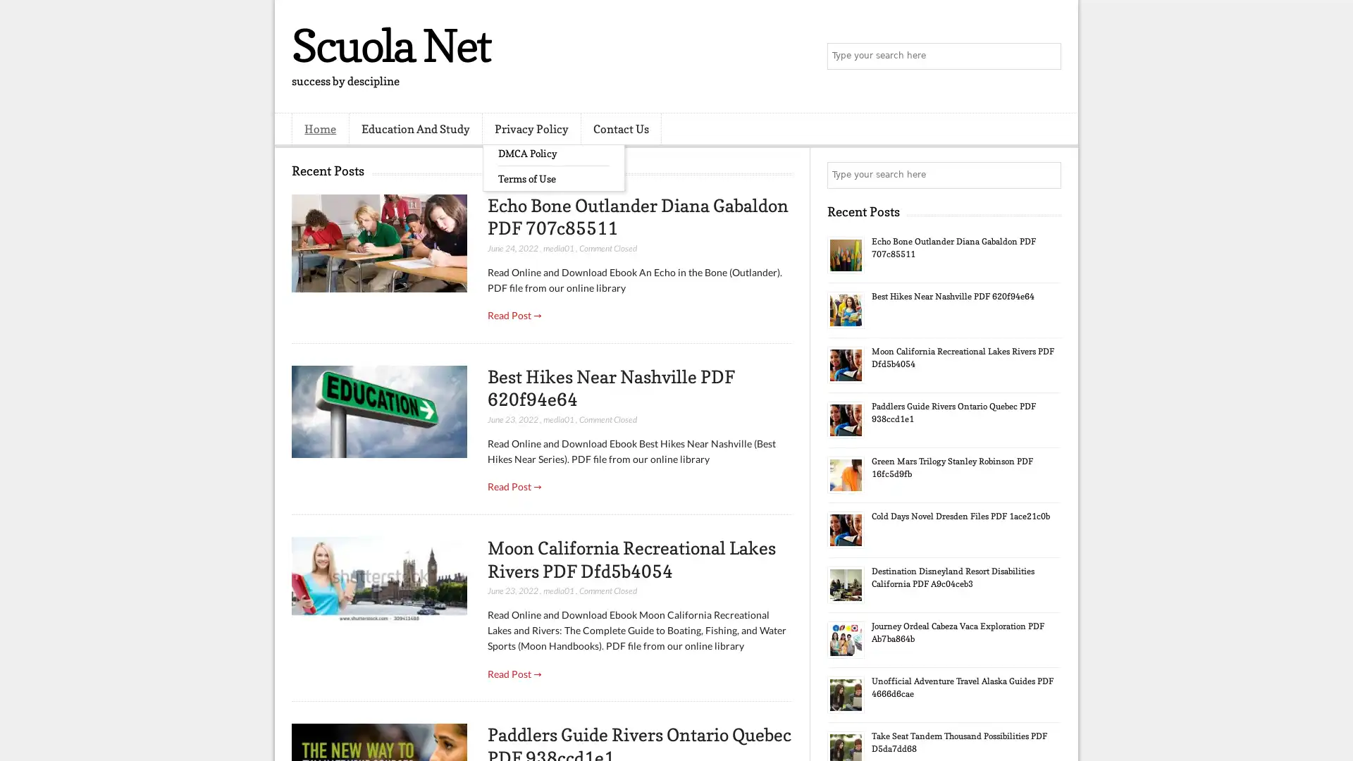  Describe the element at coordinates (1046, 56) in the screenshot. I see `Search` at that location.